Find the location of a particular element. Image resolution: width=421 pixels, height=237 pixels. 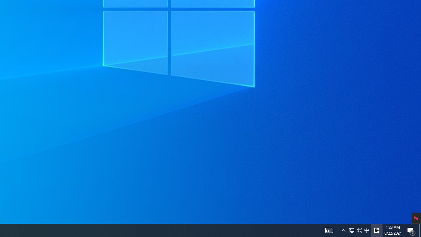

'AutomationID: 4105' is located at coordinates (329, 230).